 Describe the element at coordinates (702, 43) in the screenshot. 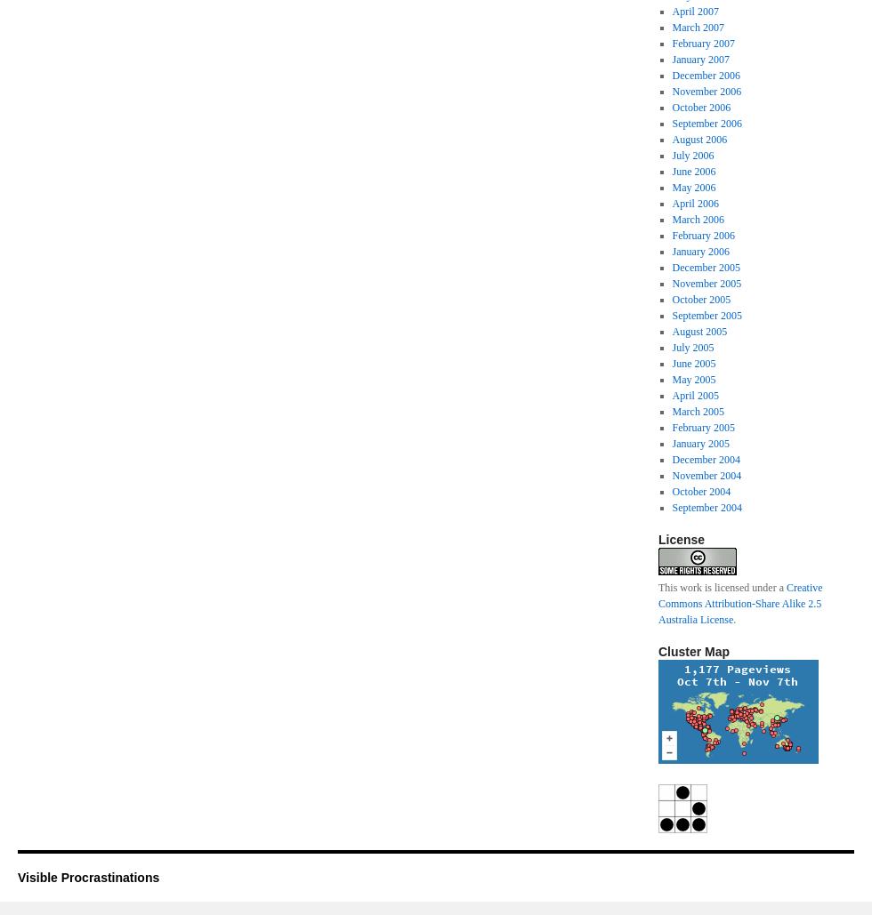

I see `'February 2007'` at that location.